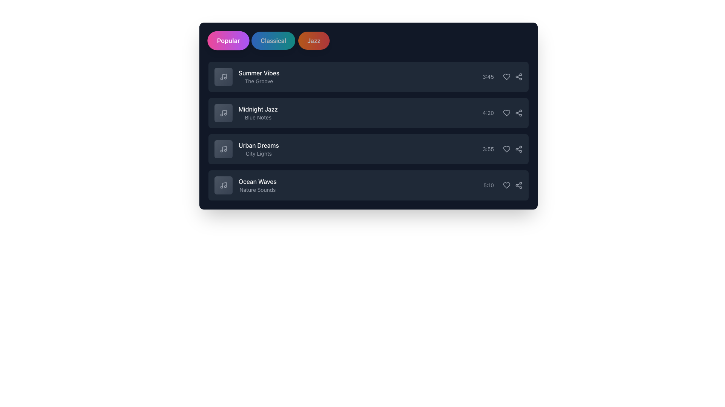 Image resolution: width=725 pixels, height=407 pixels. I want to click on the text label displaying '3:55' in light gray font, located in the third row of a list, so click(488, 149).